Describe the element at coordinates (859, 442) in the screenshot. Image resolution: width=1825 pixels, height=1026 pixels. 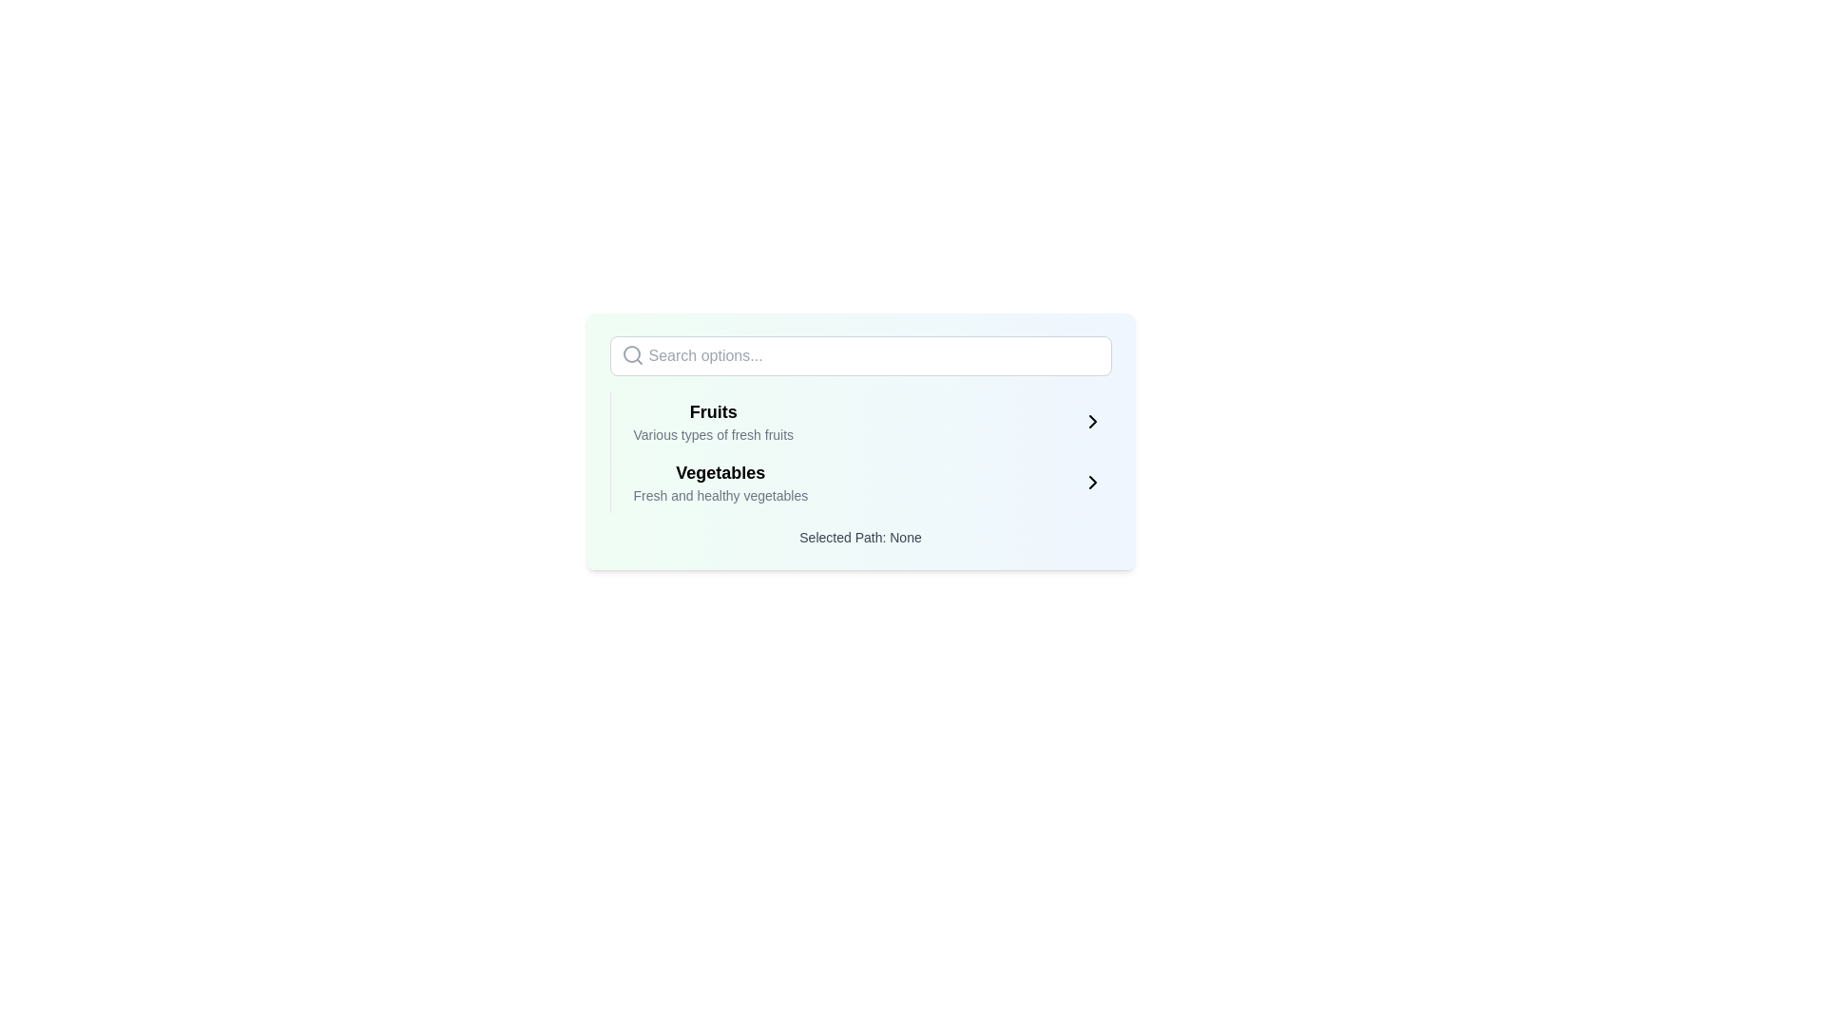
I see `the Navigation Card which serves as a selection interface for categories such as 'Fruits' or 'Vegetables' and is centrally positioned in the layout` at that location.